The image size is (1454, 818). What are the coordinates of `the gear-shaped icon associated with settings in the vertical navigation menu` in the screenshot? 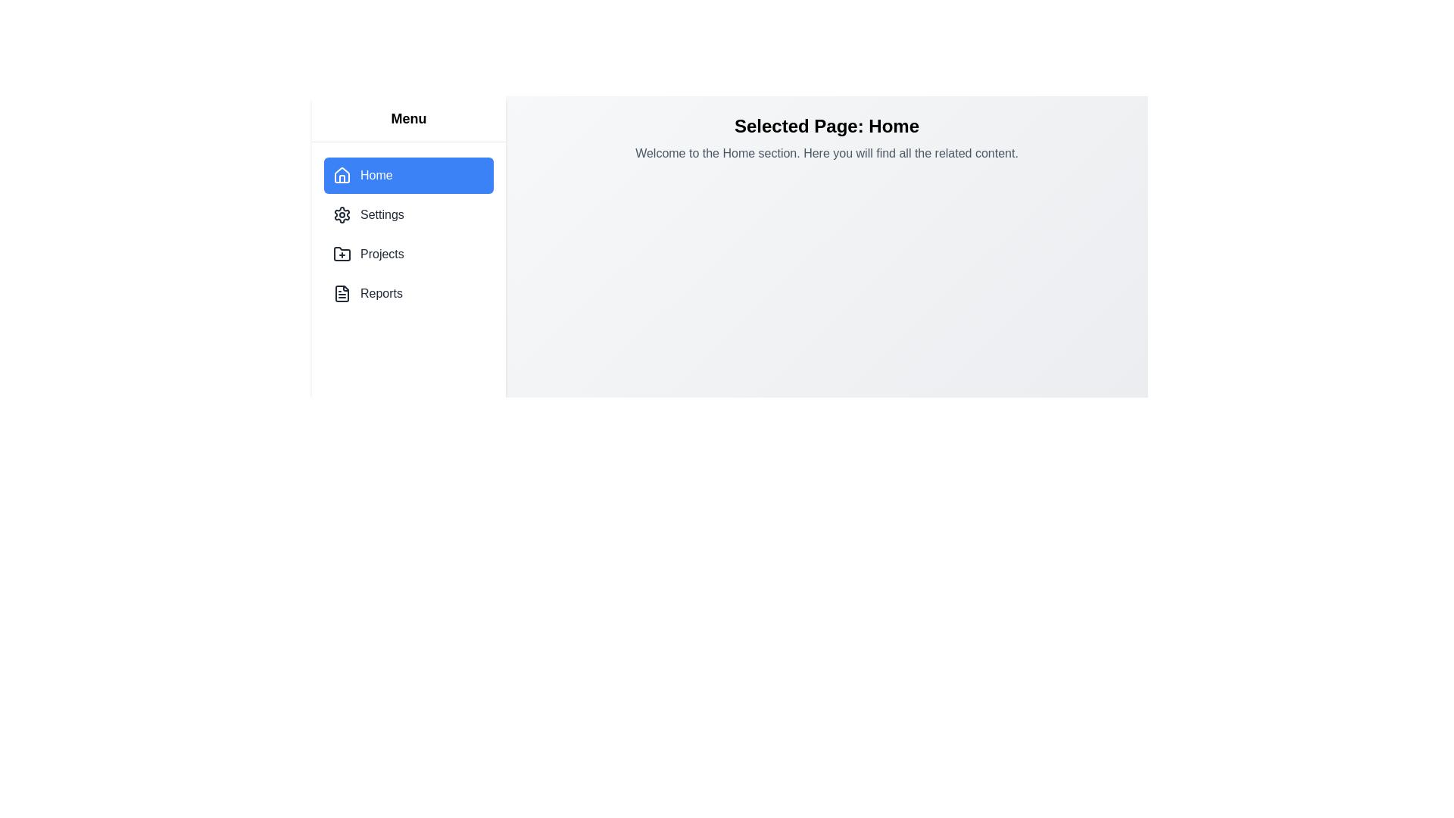 It's located at (341, 215).